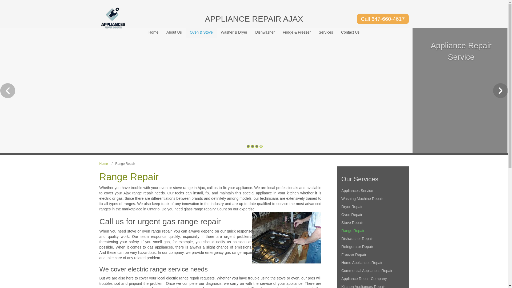  Describe the element at coordinates (373, 270) in the screenshot. I see `'Commercial Appliances Repair'` at that location.